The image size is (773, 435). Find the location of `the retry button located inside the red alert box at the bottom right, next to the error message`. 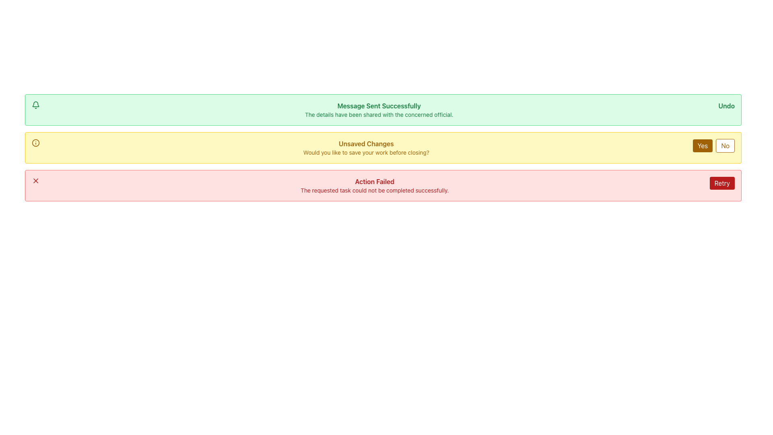

the retry button located inside the red alert box at the bottom right, next to the error message is located at coordinates (722, 183).